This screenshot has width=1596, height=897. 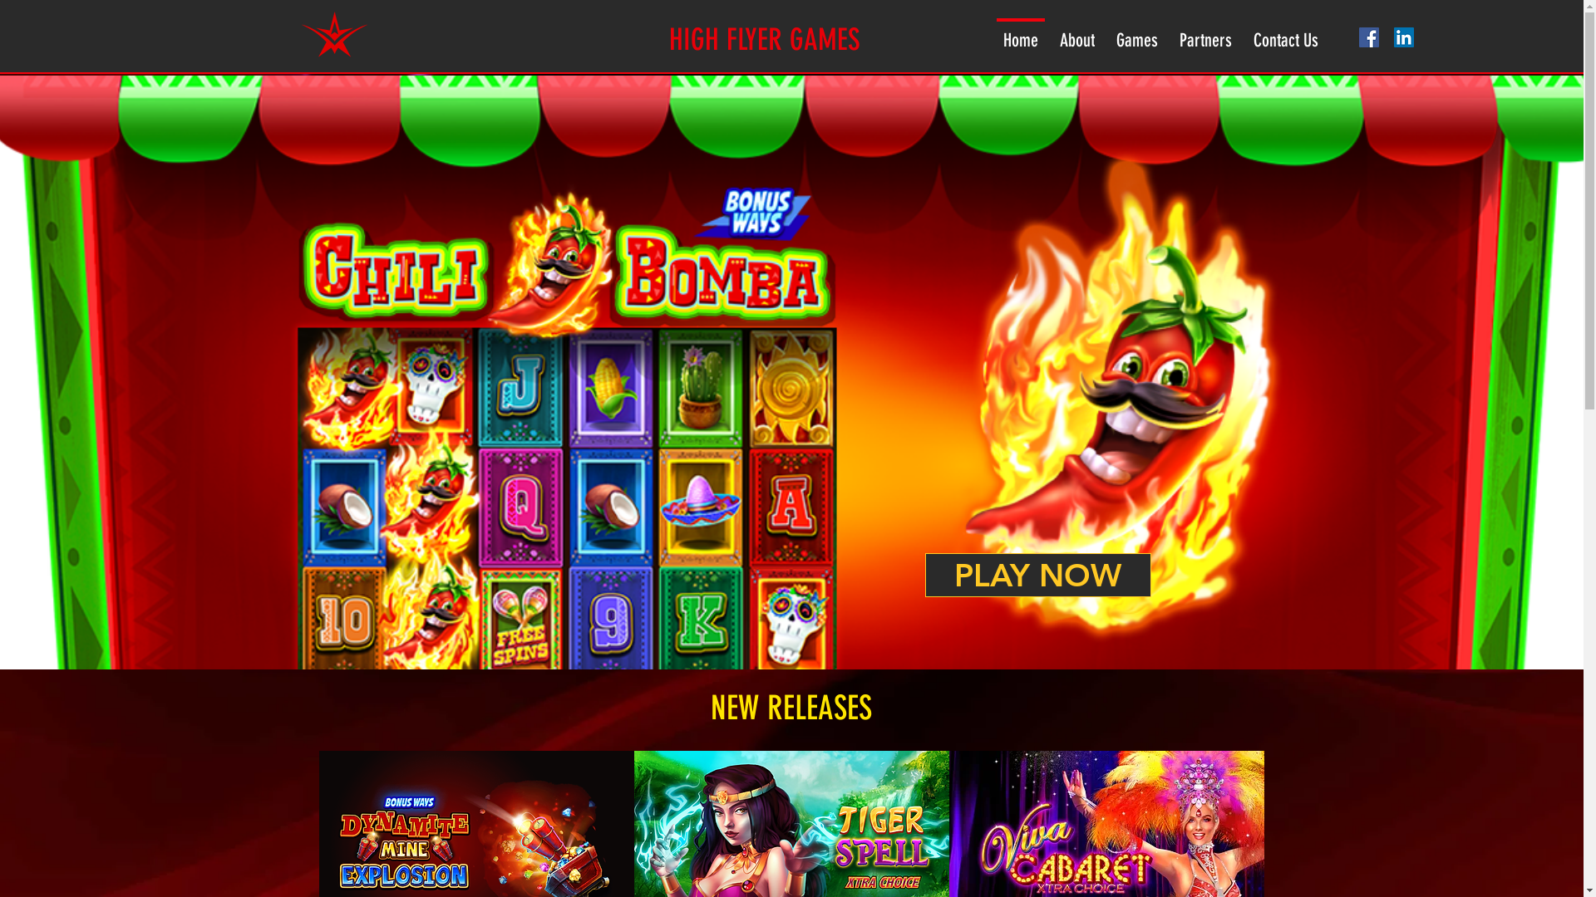 I want to click on 'Contact Us', so click(x=1284, y=32).